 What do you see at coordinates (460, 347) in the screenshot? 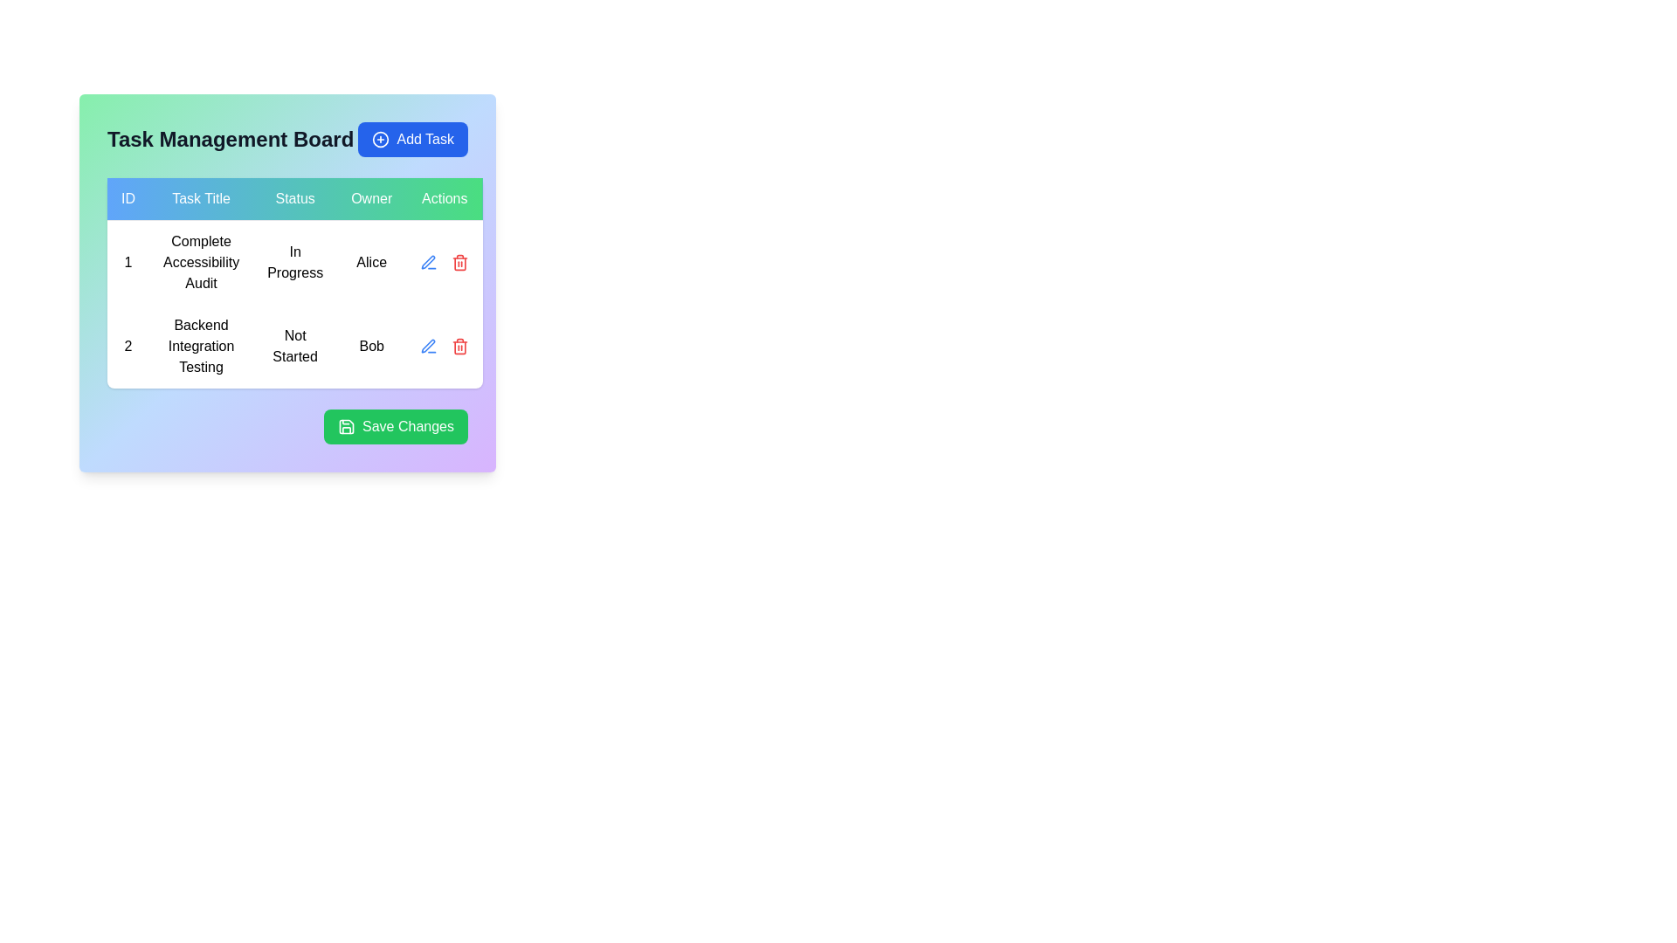
I see `the red trash can icon button located in the 'Actions' column of the second row in the task management table` at bounding box center [460, 347].